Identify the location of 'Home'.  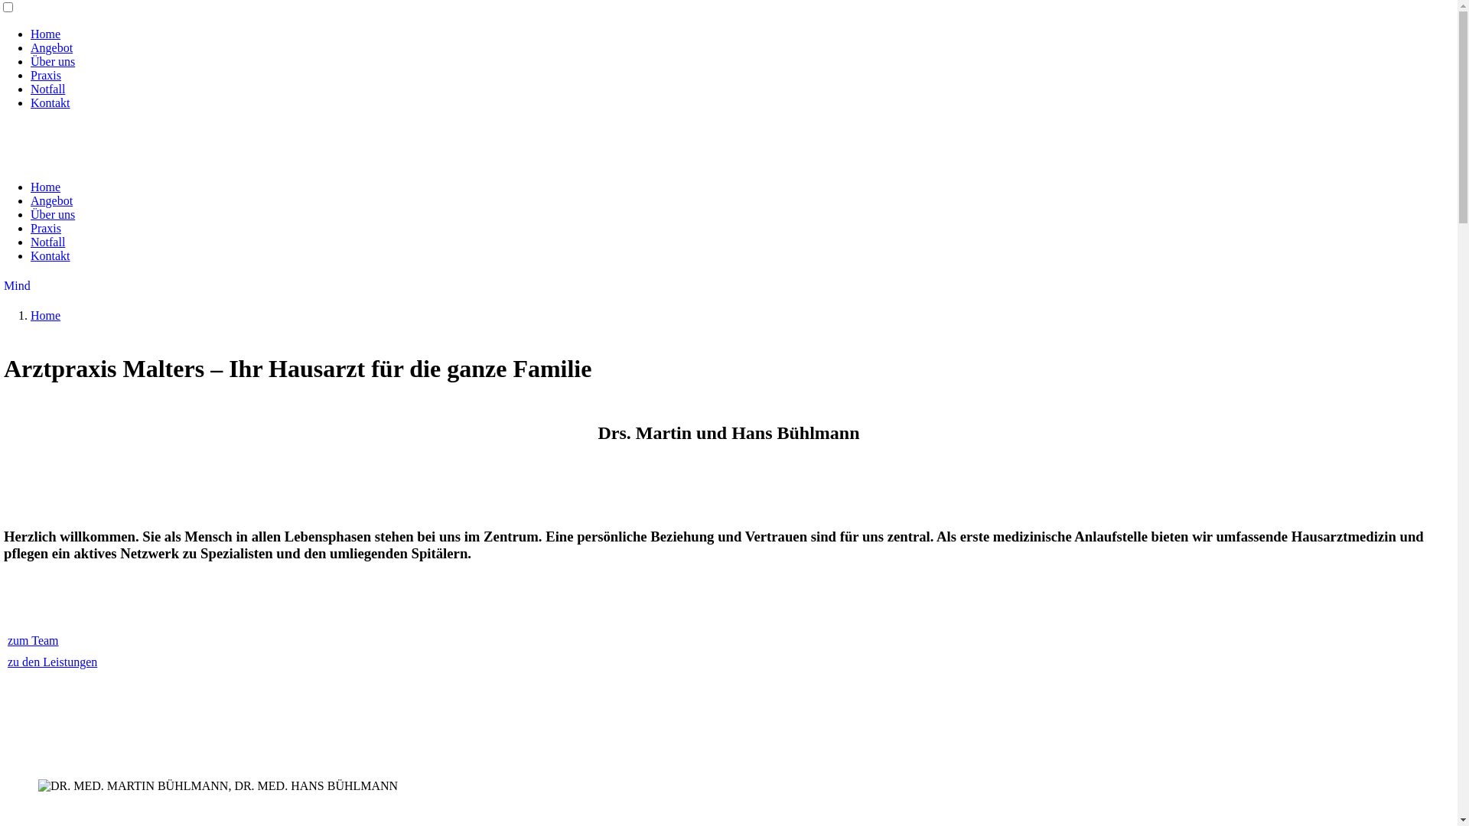
(45, 186).